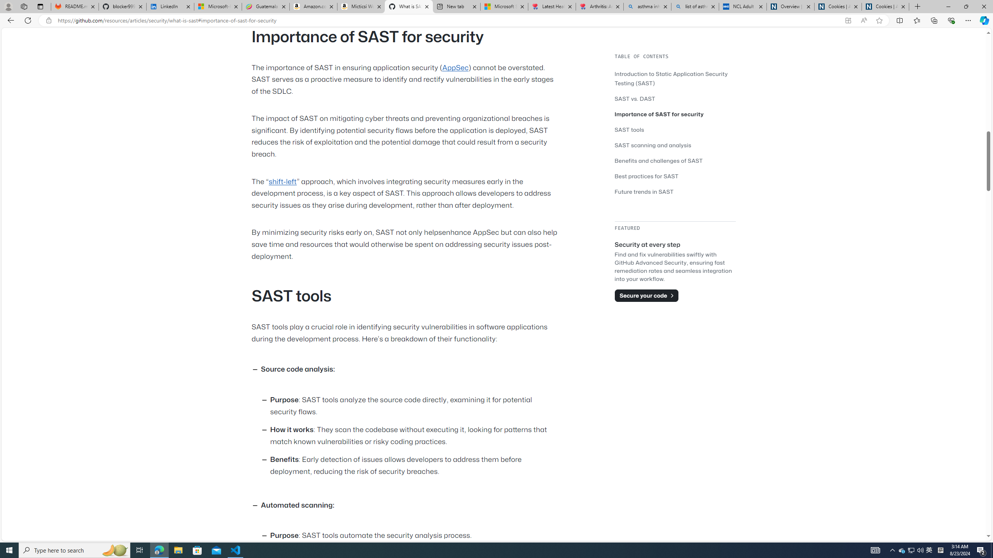  I want to click on 'Cookies | About | NICE', so click(885, 6).